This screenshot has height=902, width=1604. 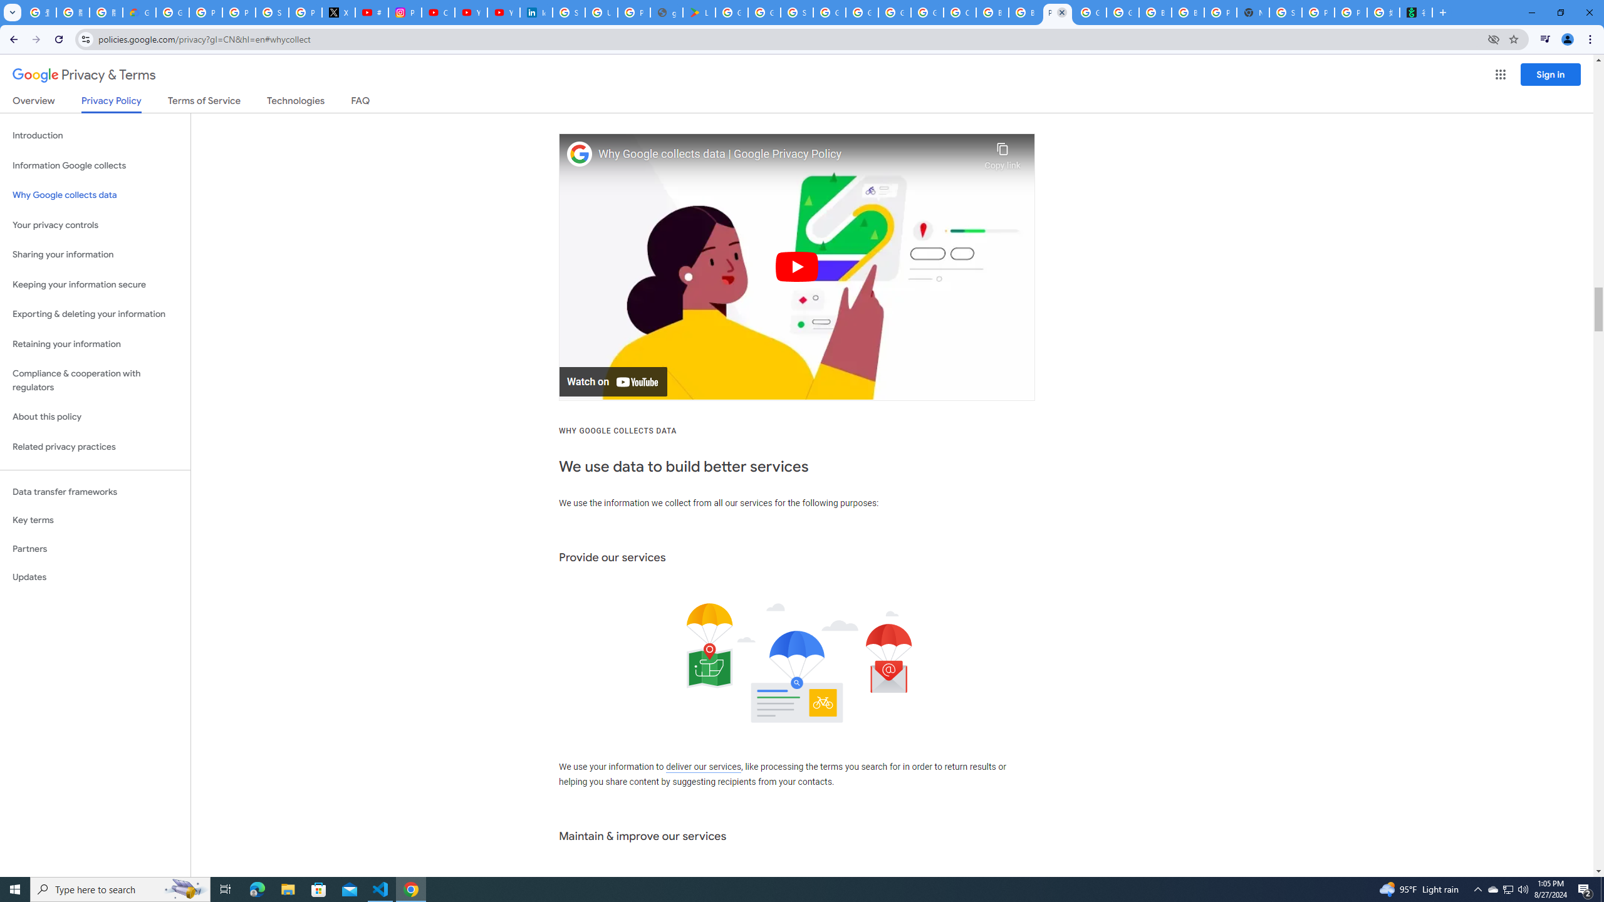 What do you see at coordinates (95, 576) in the screenshot?
I see `'Updates'` at bounding box center [95, 576].